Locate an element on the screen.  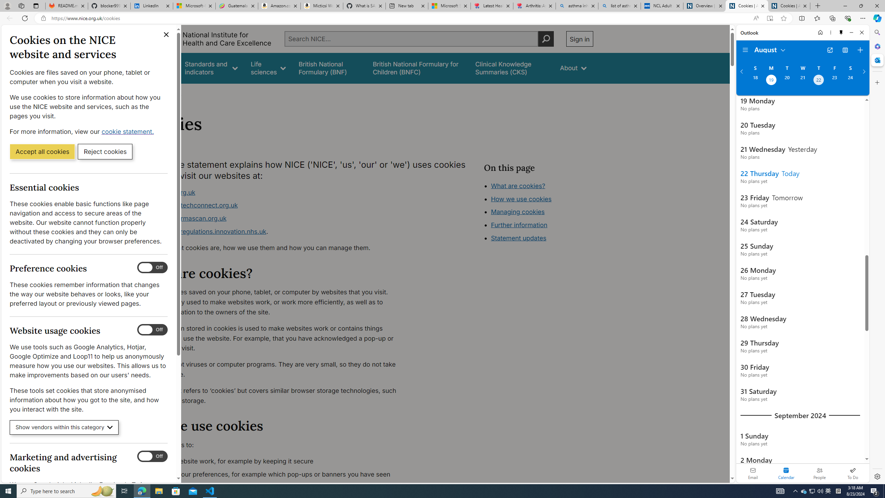
'August' is located at coordinates (770, 49).